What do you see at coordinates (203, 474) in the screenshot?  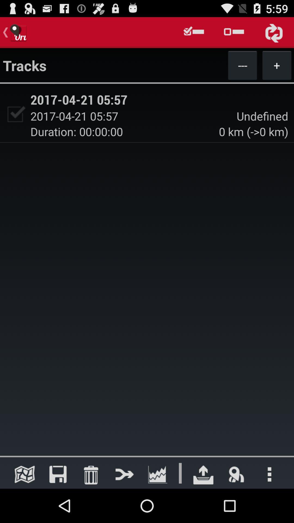 I see `upload file` at bounding box center [203, 474].